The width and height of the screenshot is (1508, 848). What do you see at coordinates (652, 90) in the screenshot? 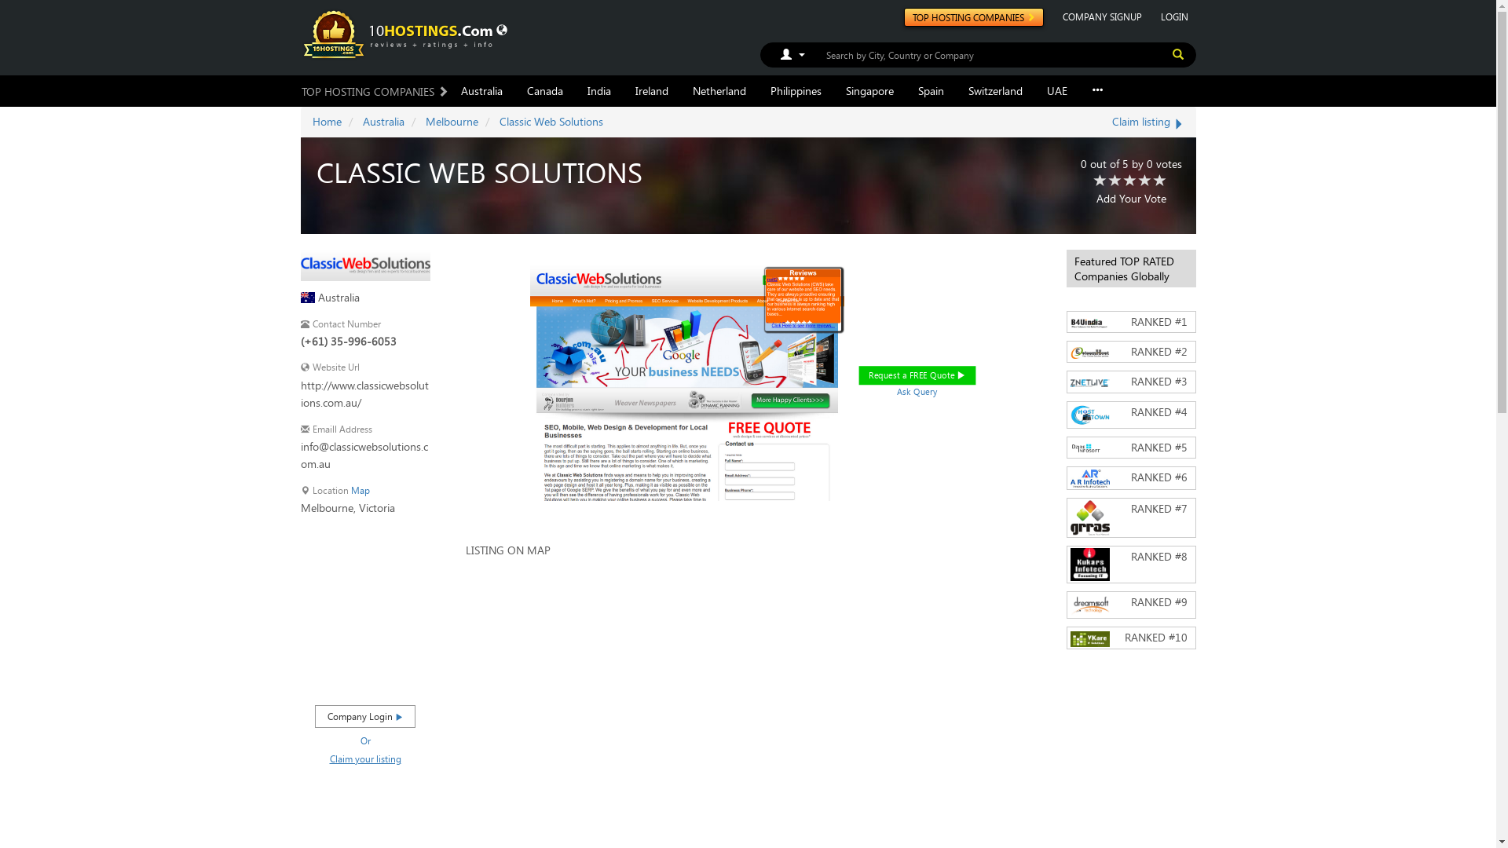
I see `'Ireland'` at bounding box center [652, 90].